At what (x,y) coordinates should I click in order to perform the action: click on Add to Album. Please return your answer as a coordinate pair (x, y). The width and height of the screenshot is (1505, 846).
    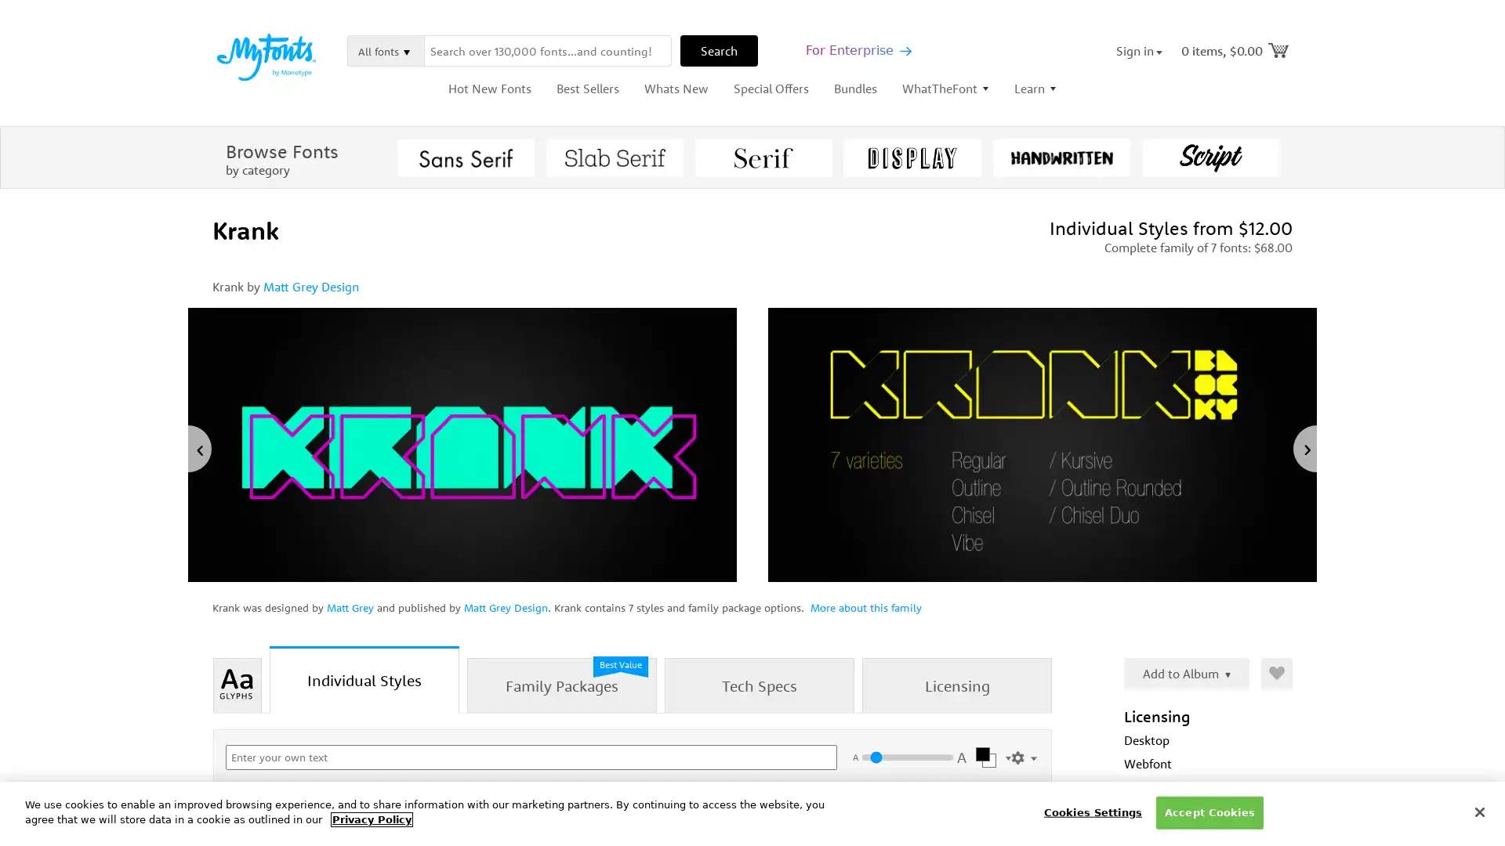
    Looking at the image, I should click on (1186, 673).